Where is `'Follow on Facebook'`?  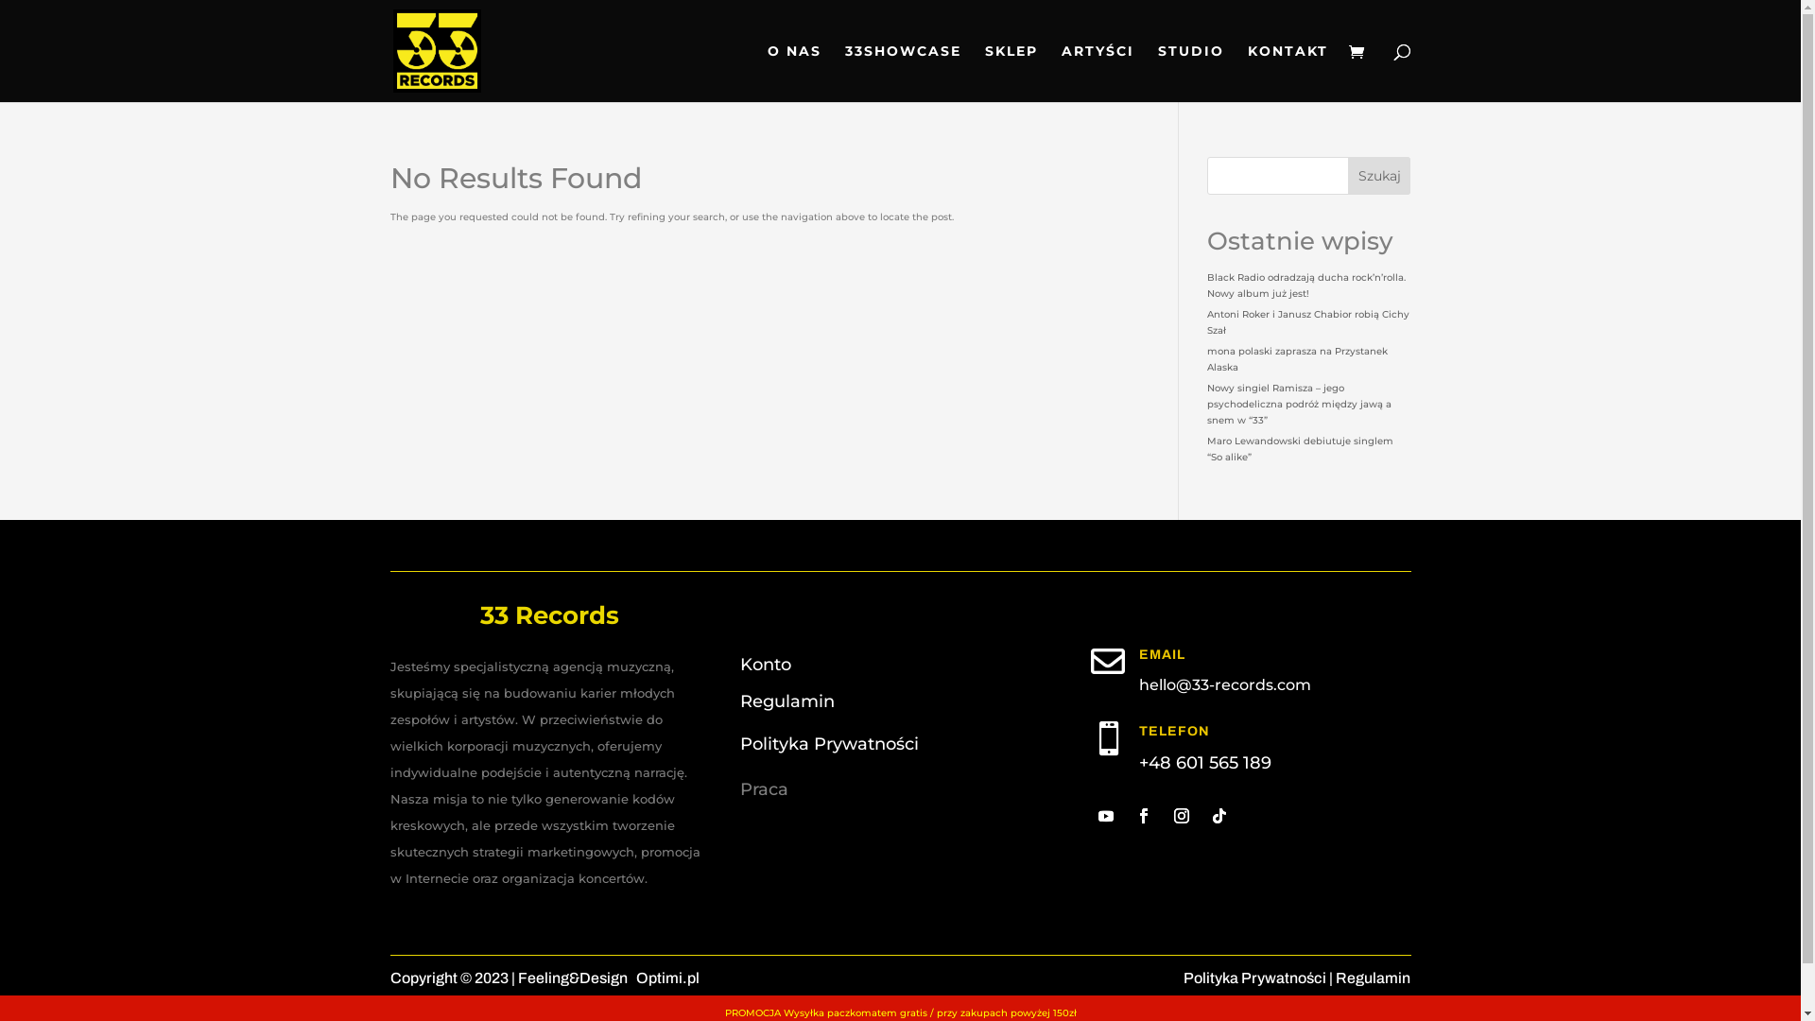 'Follow on Facebook' is located at coordinates (1142, 815).